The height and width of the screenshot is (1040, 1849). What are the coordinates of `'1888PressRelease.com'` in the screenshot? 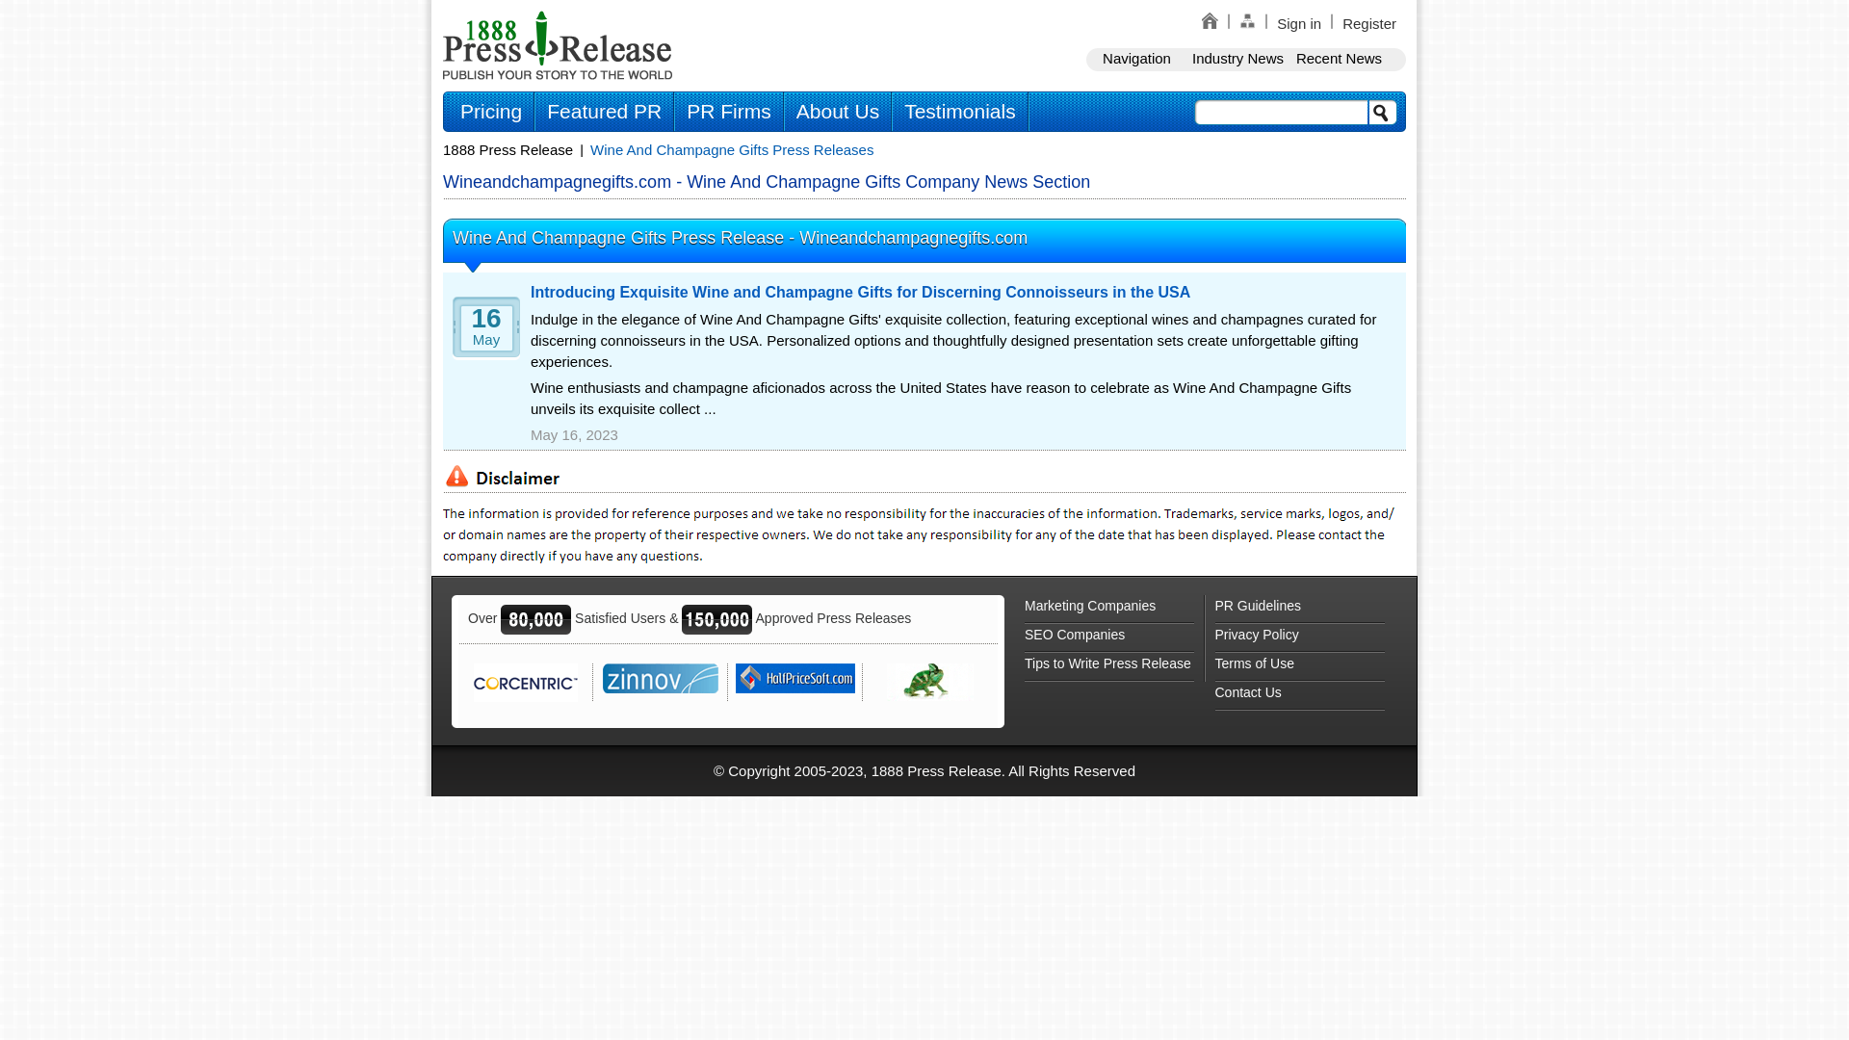 It's located at (557, 43).